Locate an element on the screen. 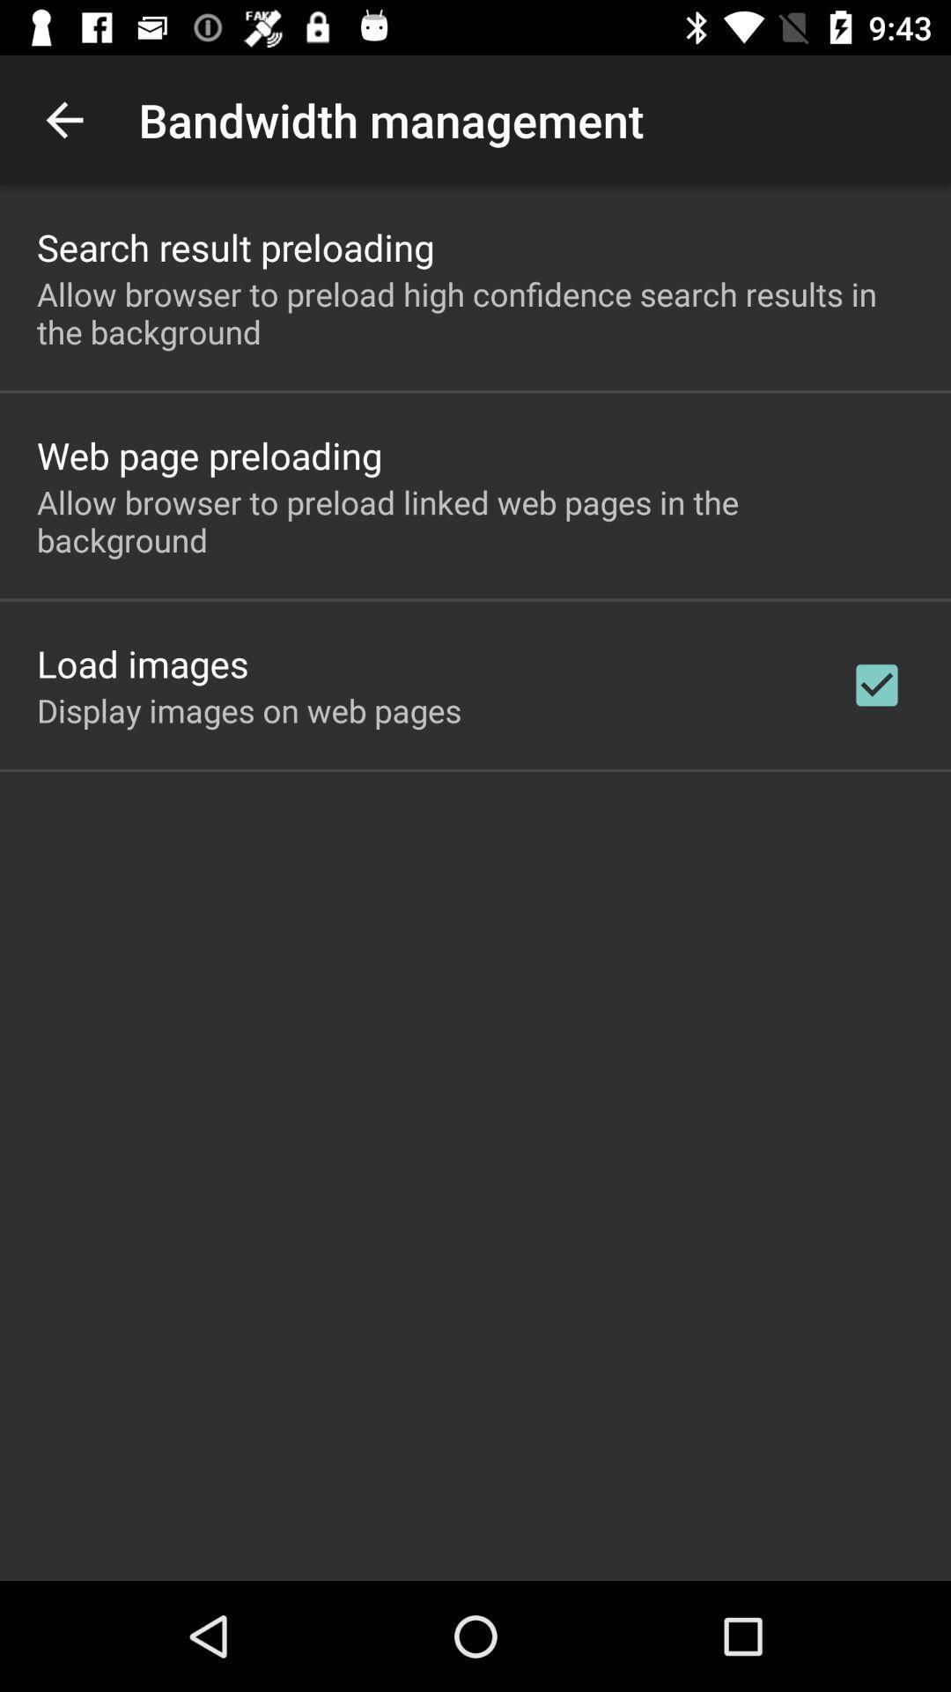  item below allow browser to is located at coordinates (142, 663).